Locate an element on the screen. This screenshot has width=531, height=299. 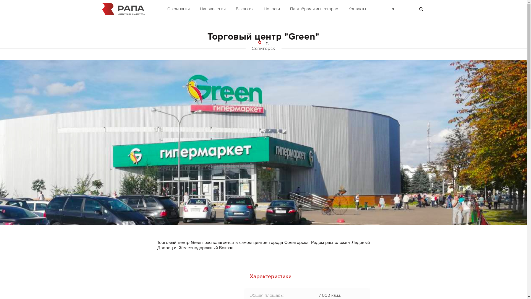
'ru' is located at coordinates (393, 9).